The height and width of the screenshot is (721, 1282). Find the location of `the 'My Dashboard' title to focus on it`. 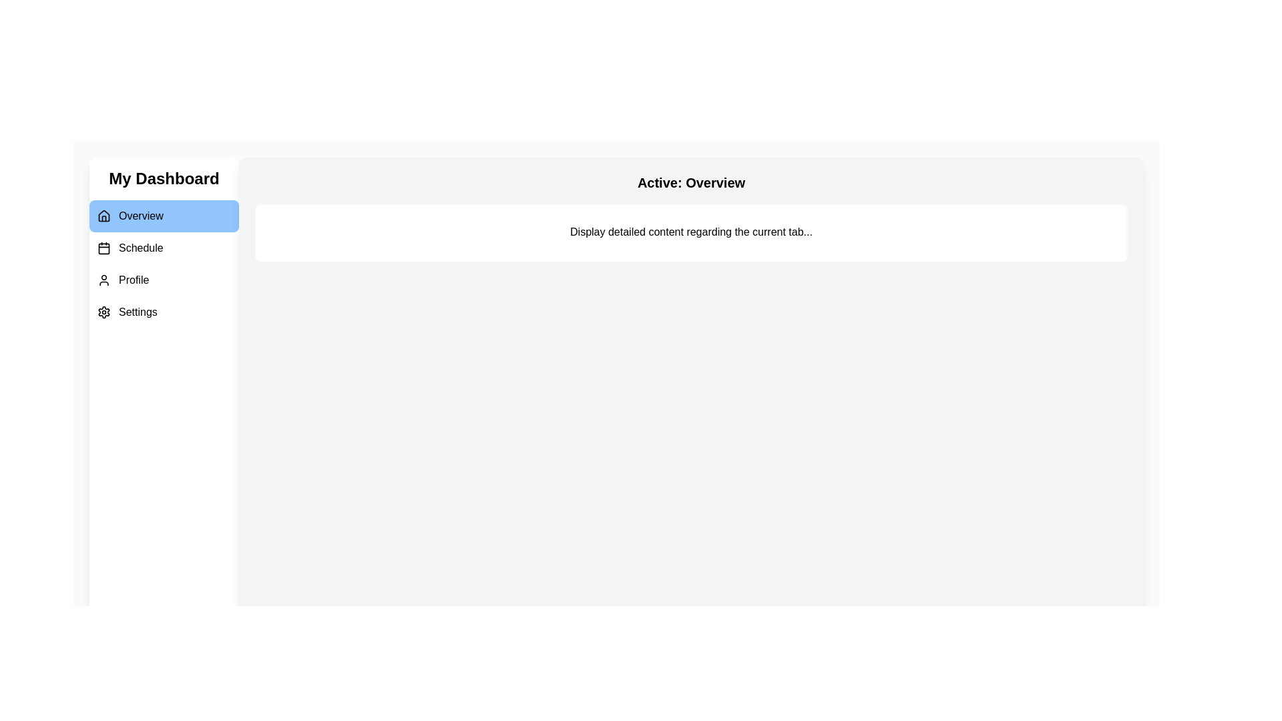

the 'My Dashboard' title to focus on it is located at coordinates (163, 178).